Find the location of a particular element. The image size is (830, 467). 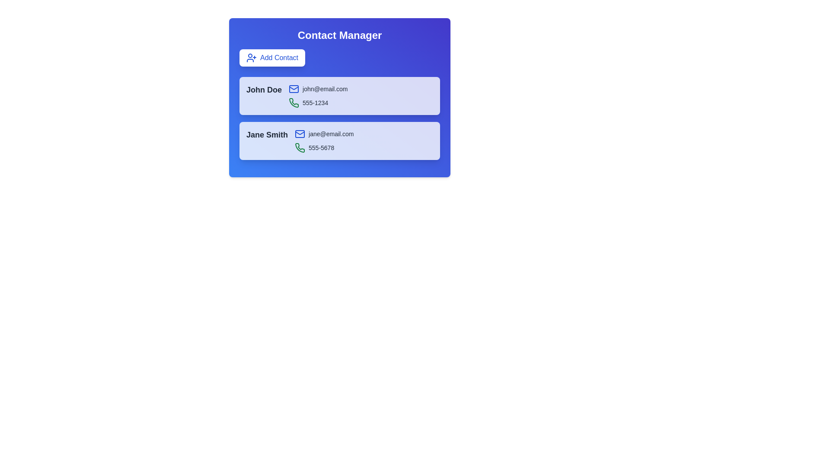

the text of the contact card for John Doe is located at coordinates (246, 83).